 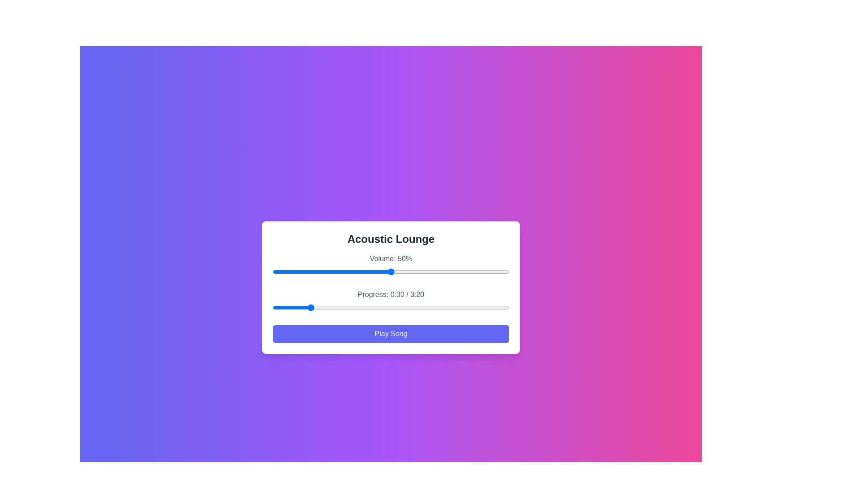 I want to click on the title text 'Acoustic Lounge' to read it, so click(x=391, y=239).